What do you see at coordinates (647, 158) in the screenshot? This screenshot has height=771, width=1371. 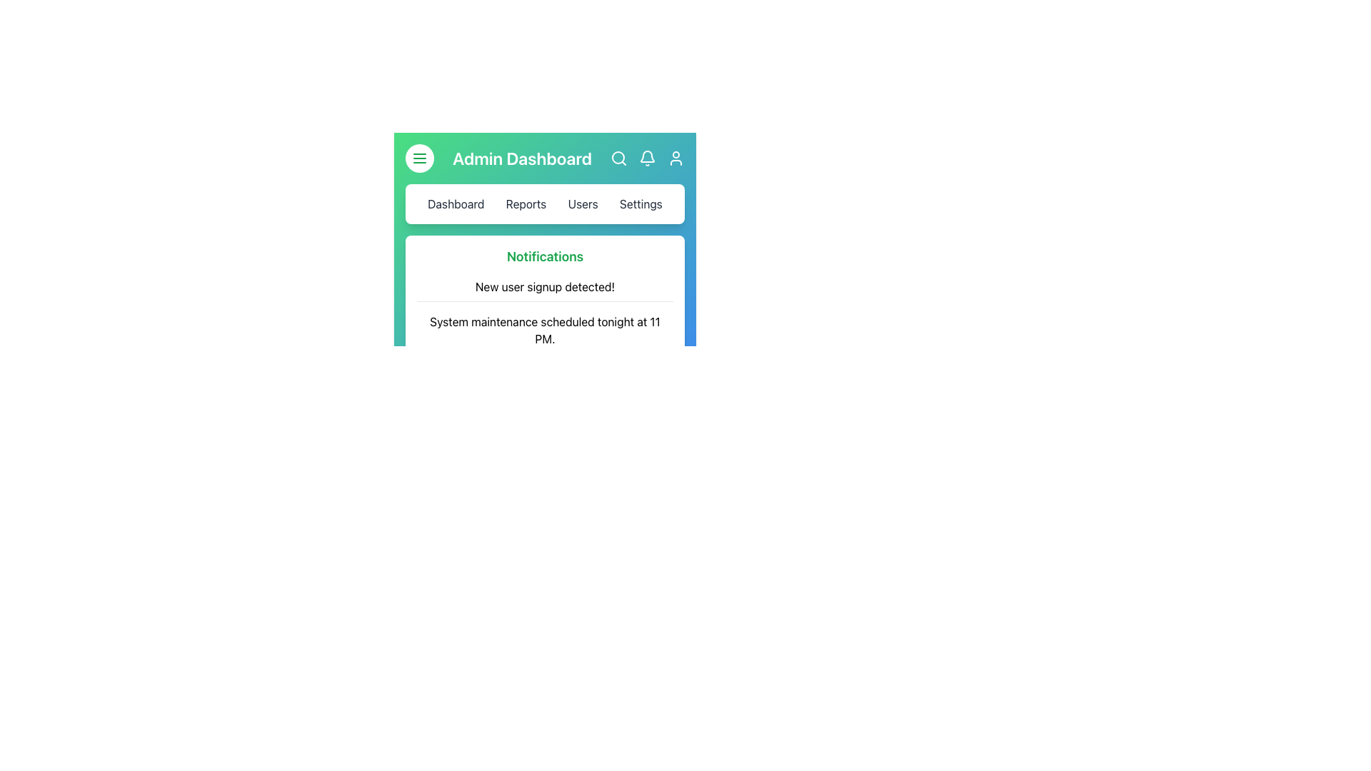 I see `the notification icon button located in the navigation header bar` at bounding box center [647, 158].